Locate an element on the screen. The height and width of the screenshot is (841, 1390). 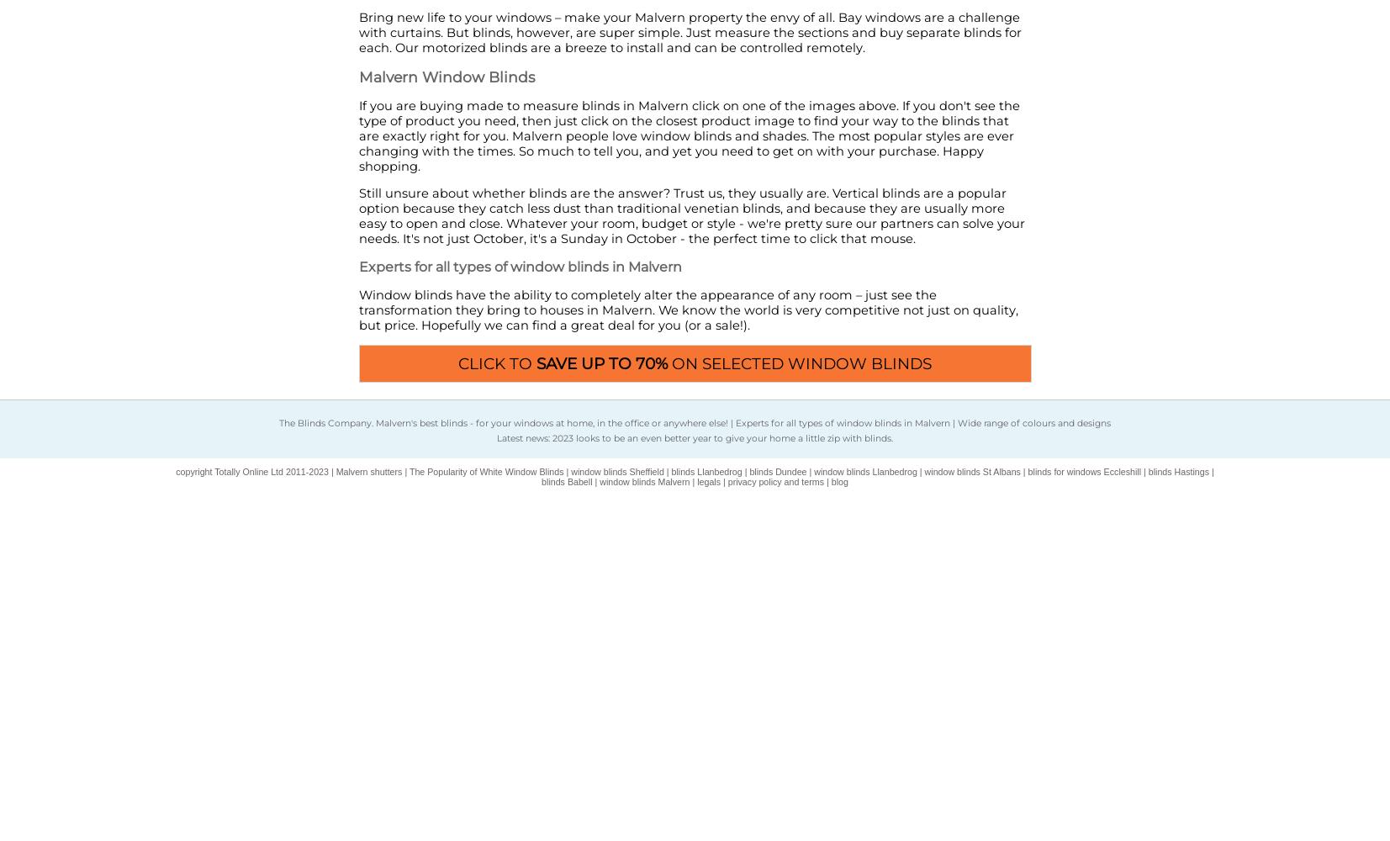
'Malvern shutters' is located at coordinates (367, 472).